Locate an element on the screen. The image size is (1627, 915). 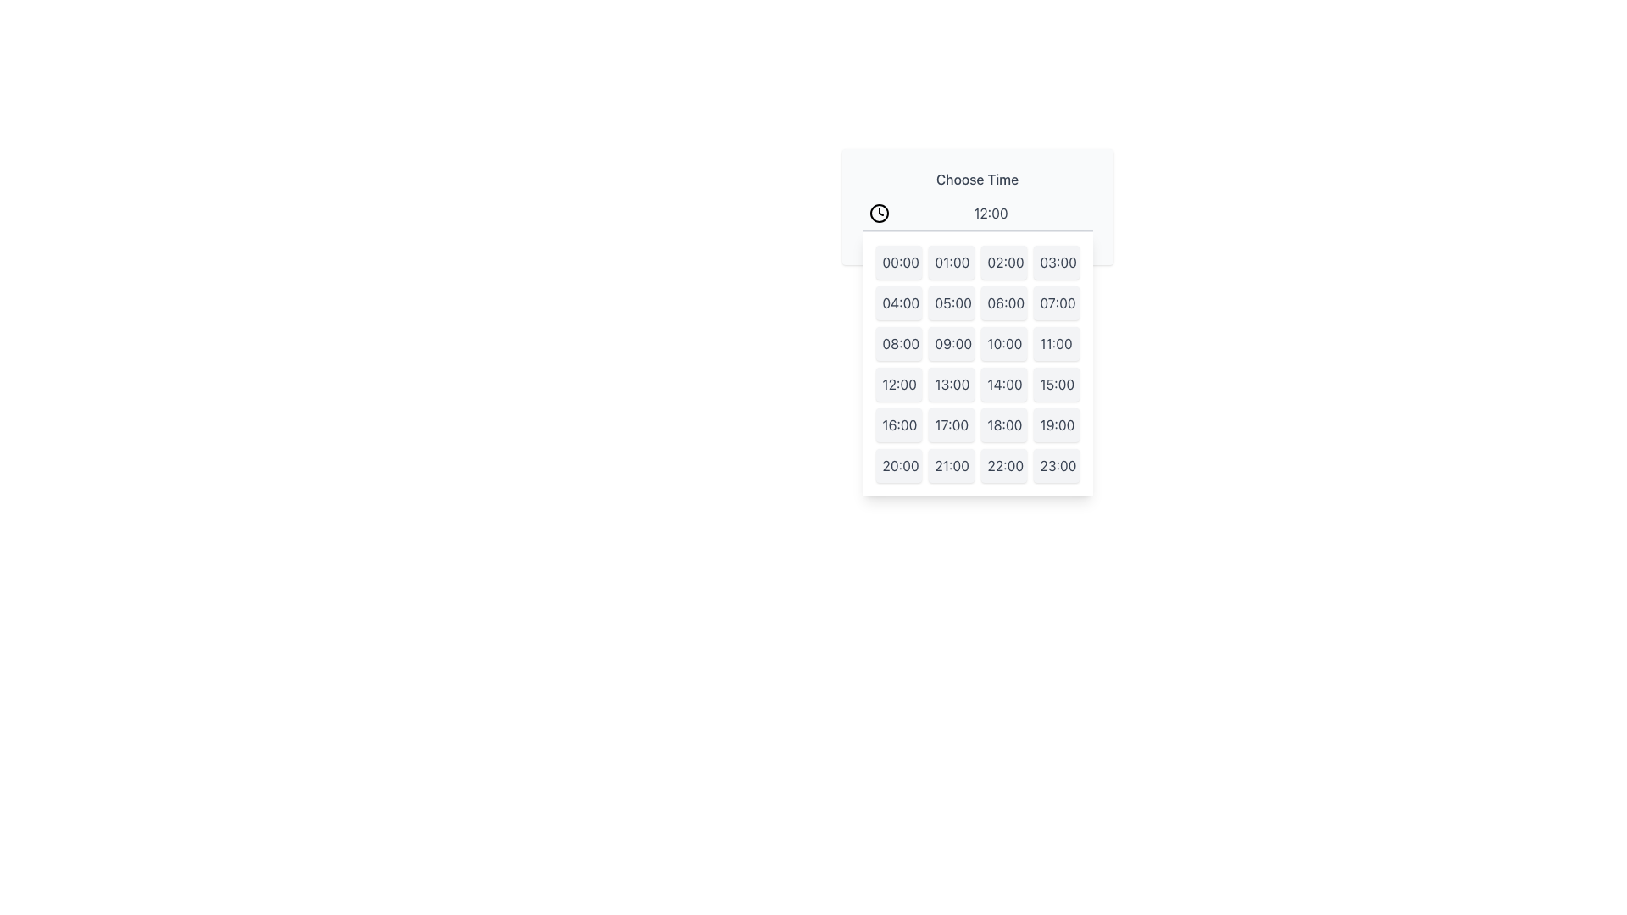
the button displaying '02:00' to highlight it for keyboard navigation is located at coordinates (1003, 262).